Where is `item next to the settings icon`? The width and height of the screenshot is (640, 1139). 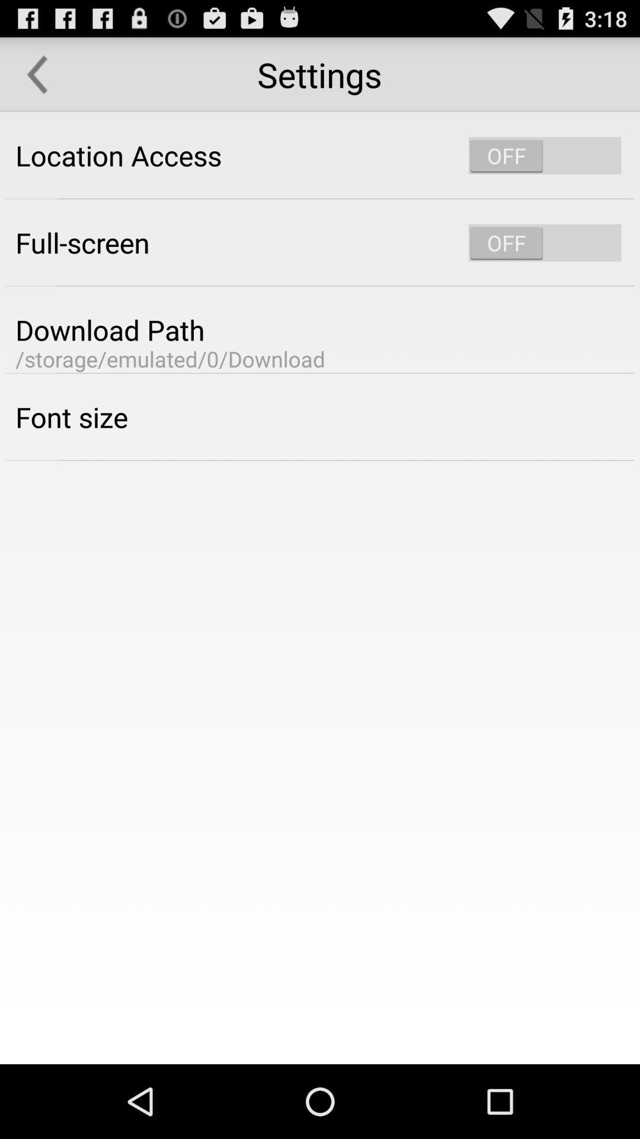
item next to the settings icon is located at coordinates (36, 74).